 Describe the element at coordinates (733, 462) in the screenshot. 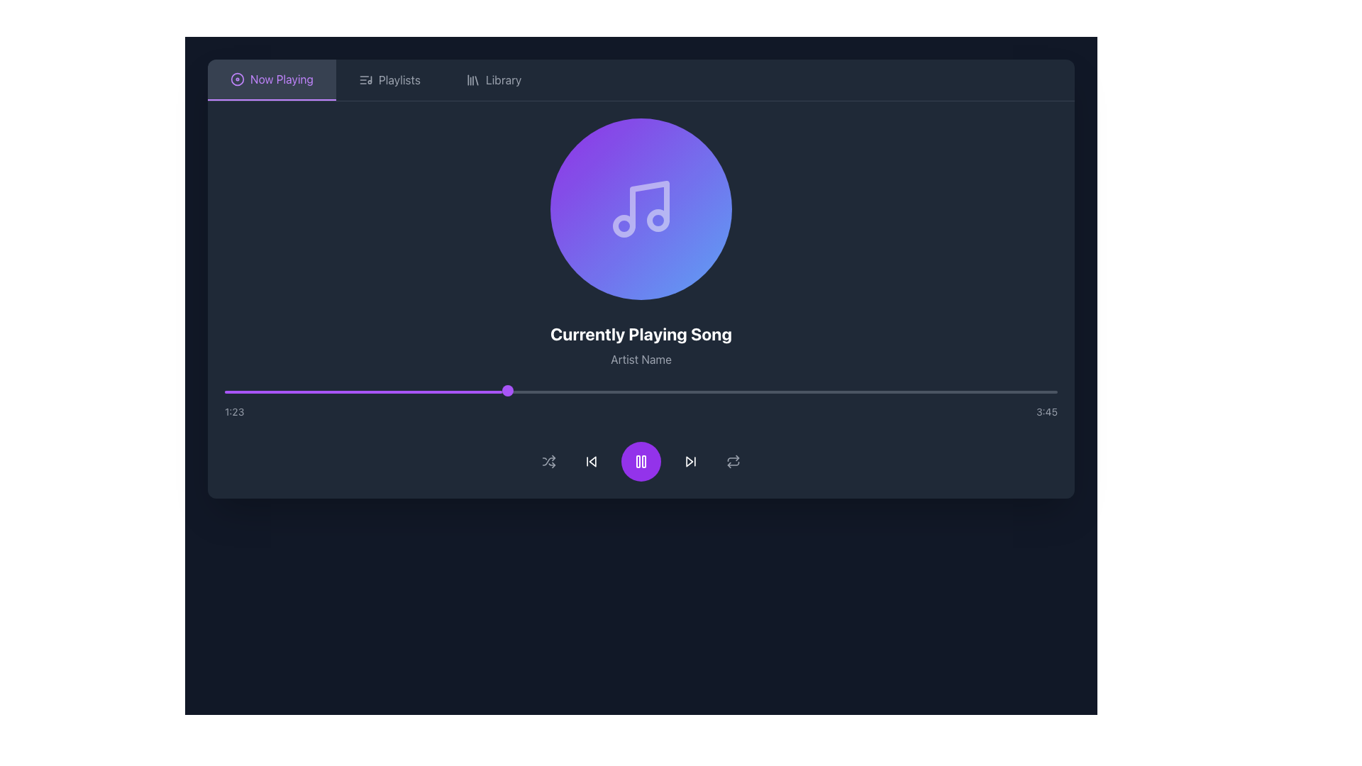

I see `the repeat button located at the bottom-center of the interface` at that location.